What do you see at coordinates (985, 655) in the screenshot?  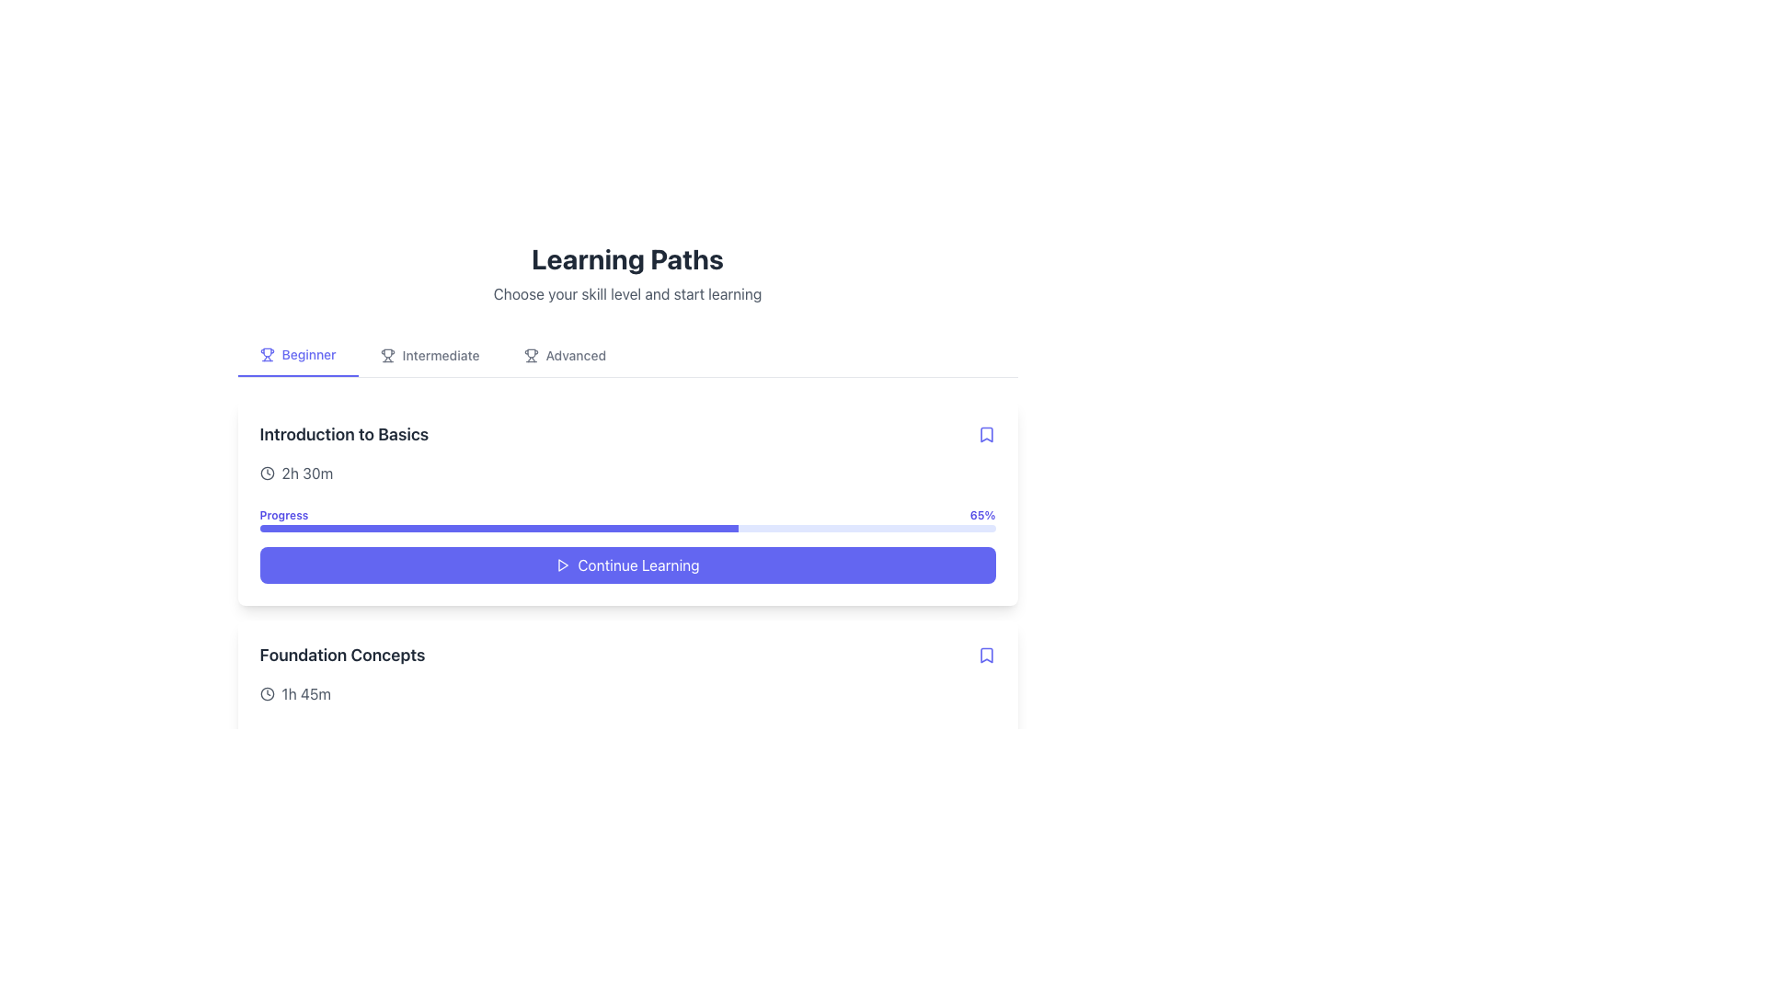 I see `the bookmark icon located in the top-right corner of the 'Foundation Concepts' topic card` at bounding box center [985, 655].